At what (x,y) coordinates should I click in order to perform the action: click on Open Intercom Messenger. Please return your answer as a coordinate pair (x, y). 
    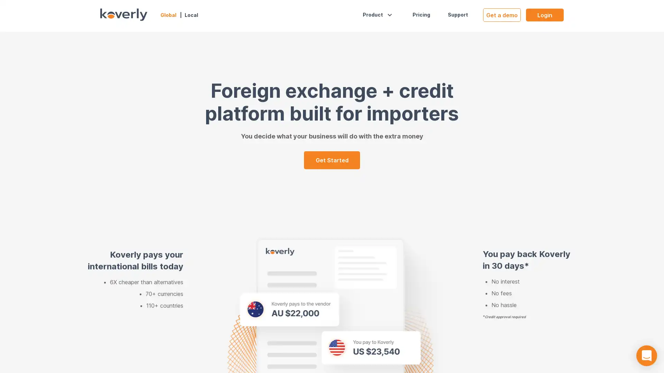
    Looking at the image, I should click on (646, 355).